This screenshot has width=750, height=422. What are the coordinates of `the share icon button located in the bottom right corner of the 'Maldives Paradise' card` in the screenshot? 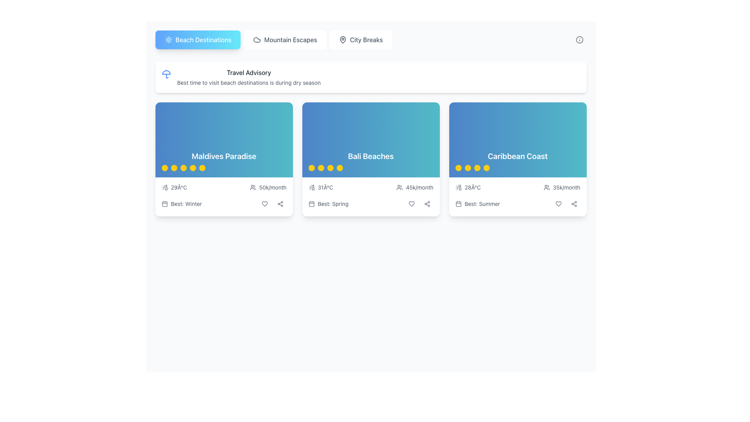 It's located at (280, 203).